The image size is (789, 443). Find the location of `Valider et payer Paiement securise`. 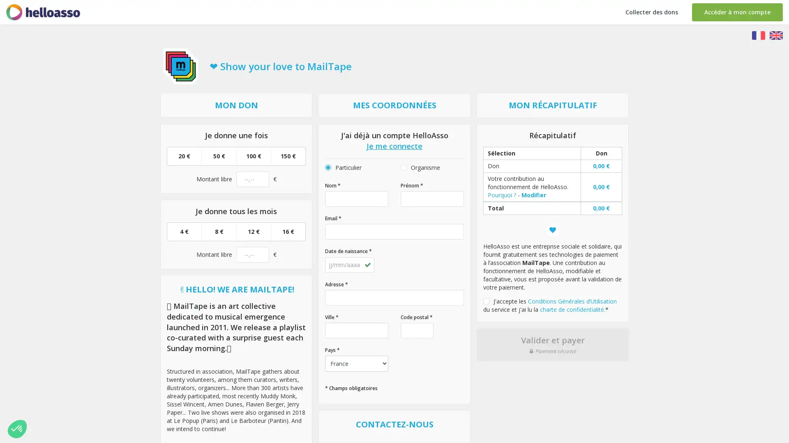

Valider et payer Paiement securise is located at coordinates (552, 345).